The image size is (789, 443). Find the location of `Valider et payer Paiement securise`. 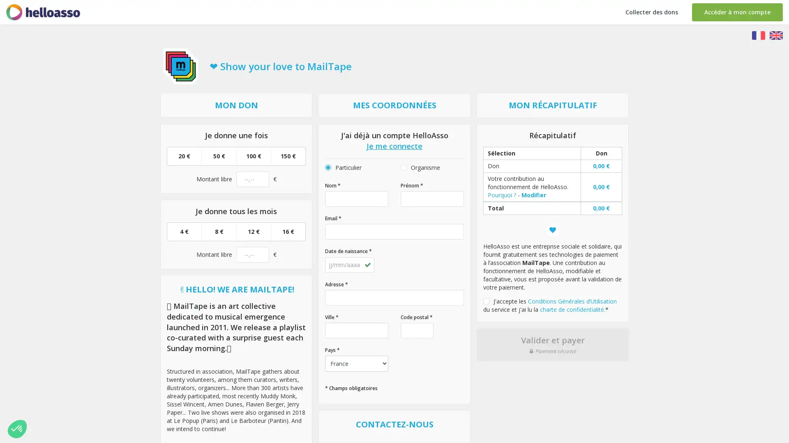

Valider et payer Paiement securise is located at coordinates (552, 345).